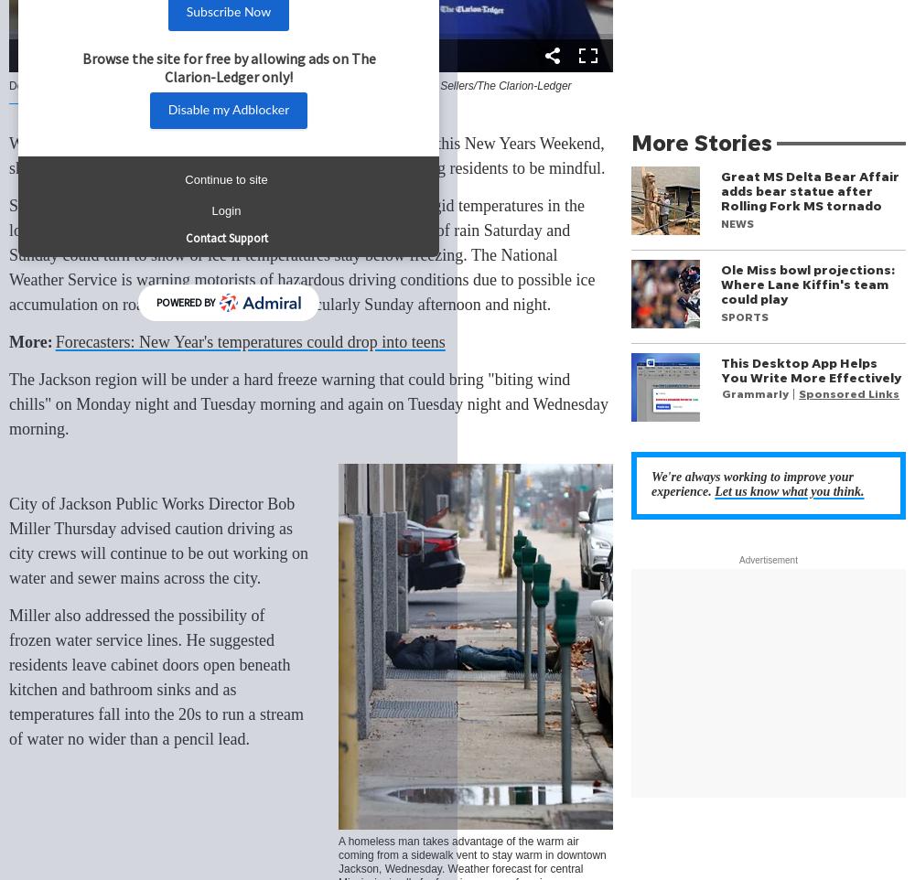  Describe the element at coordinates (227, 110) in the screenshot. I see `'Disable my Adblocker'` at that location.